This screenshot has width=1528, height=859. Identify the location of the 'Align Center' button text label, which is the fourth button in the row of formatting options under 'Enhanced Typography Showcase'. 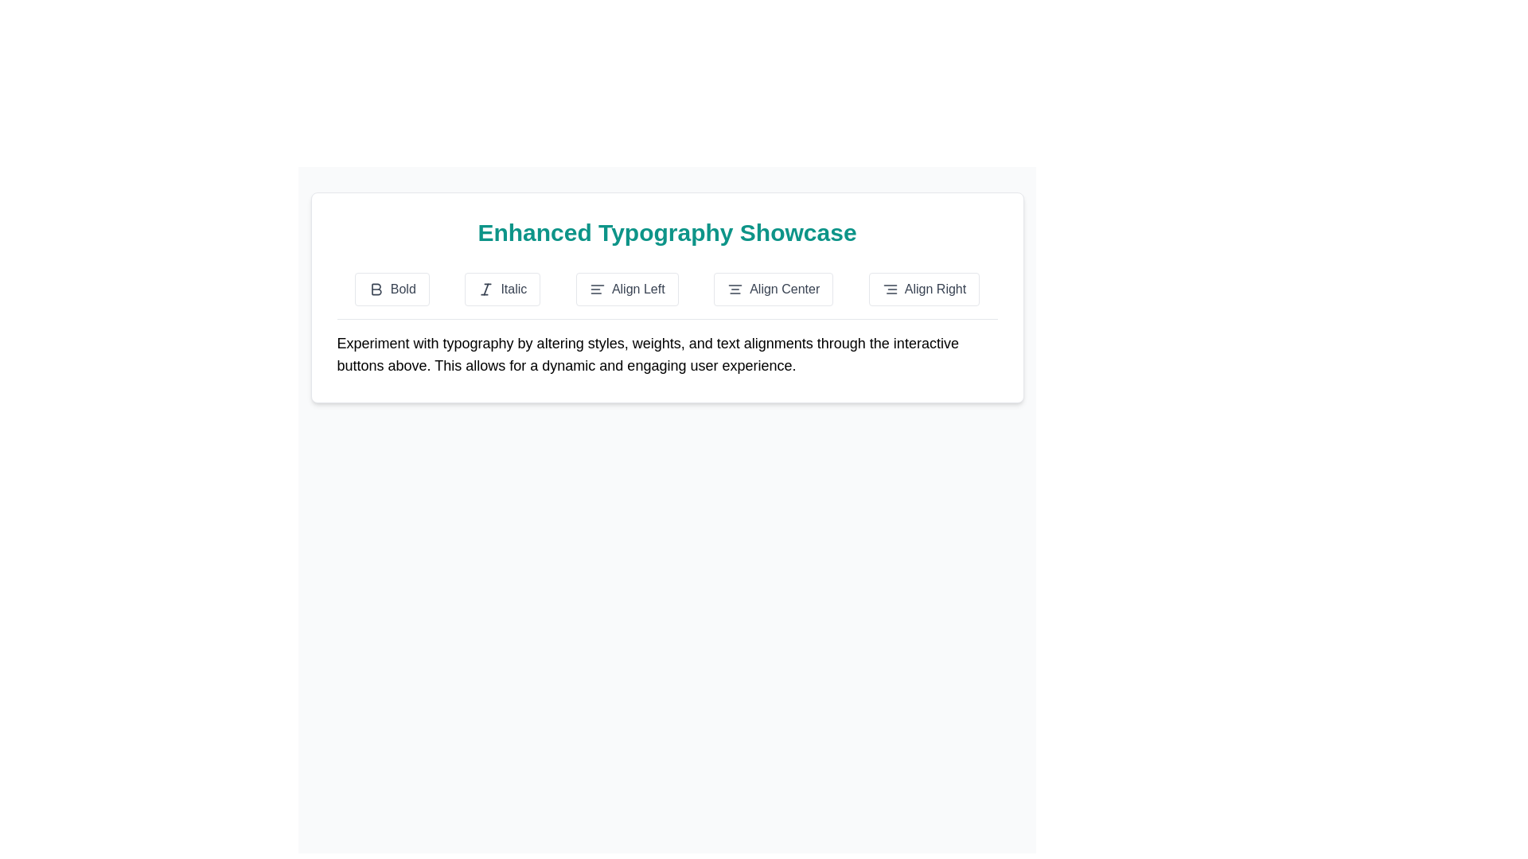
(785, 289).